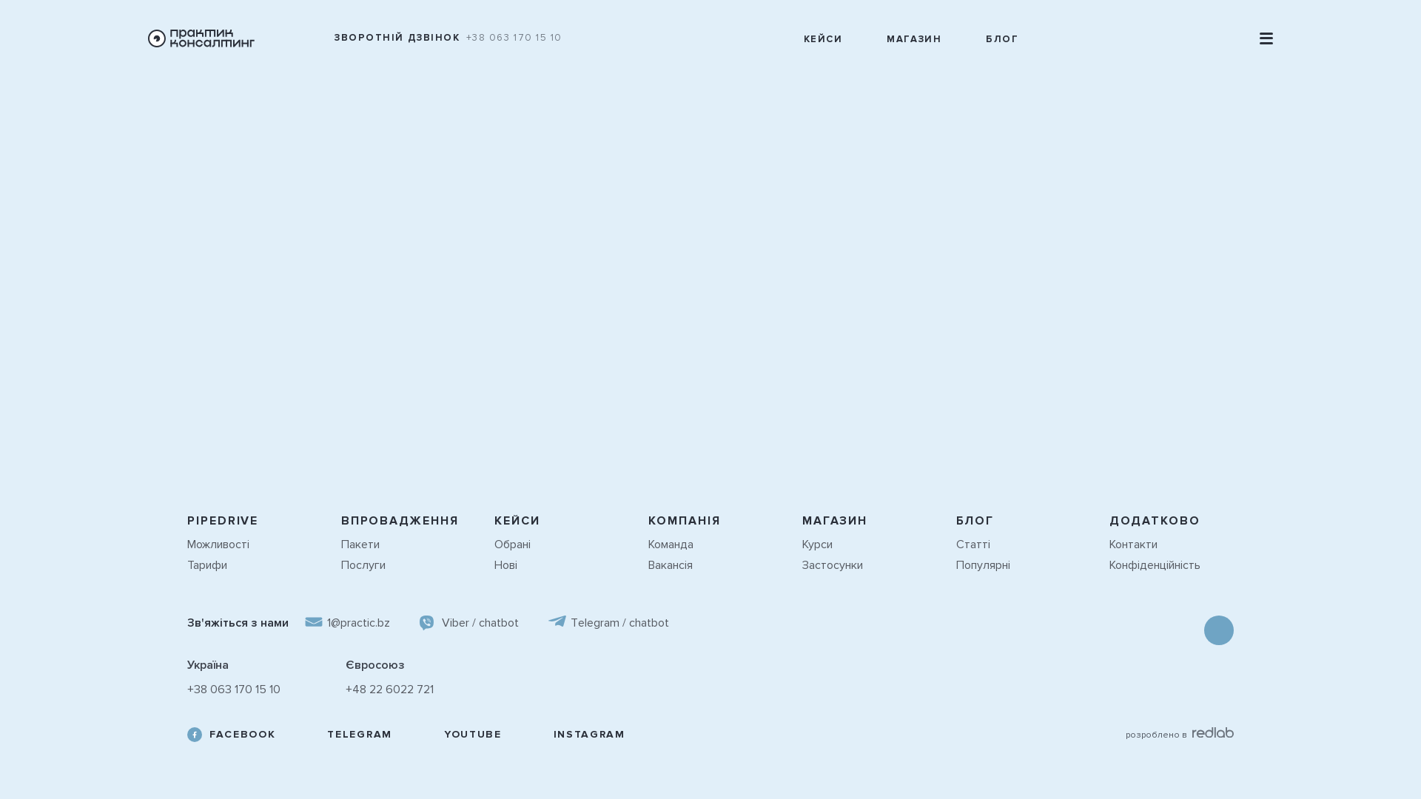  What do you see at coordinates (187, 520) in the screenshot?
I see `'PIPEDRIVE'` at bounding box center [187, 520].